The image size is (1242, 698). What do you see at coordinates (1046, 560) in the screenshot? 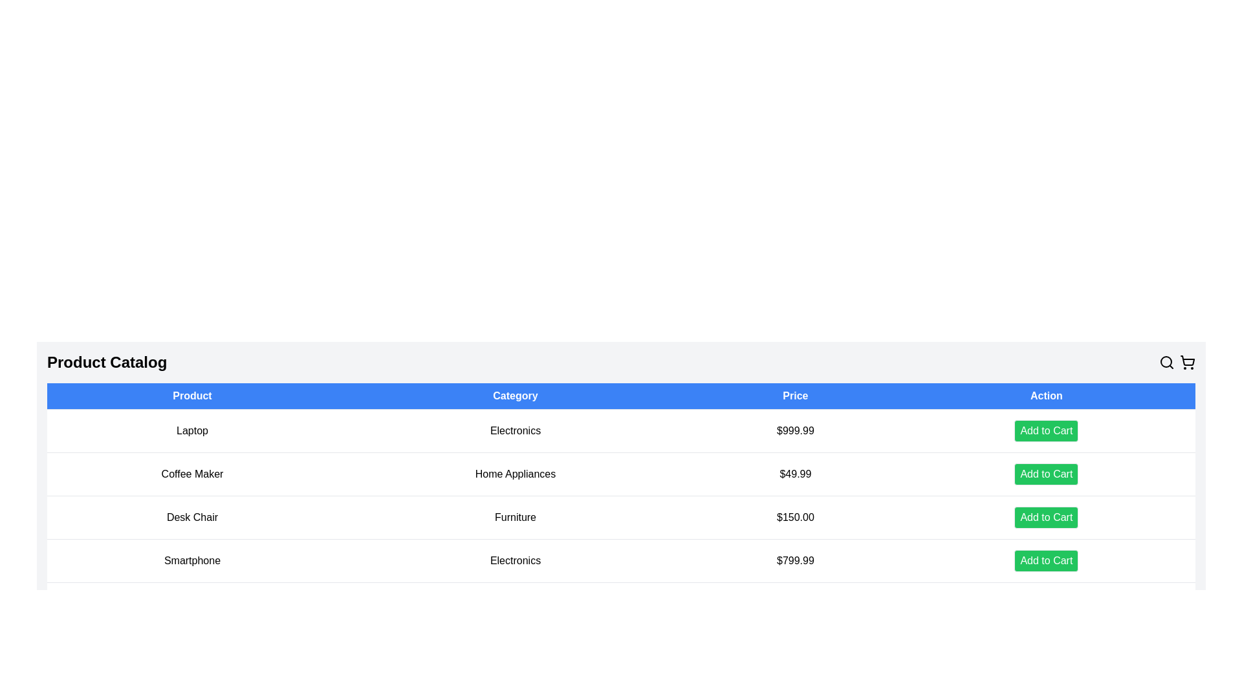
I see `the green rectangular 'Add to Cart' button with rounded corners in the 'Action' column for the 'Smartphone' product` at bounding box center [1046, 560].